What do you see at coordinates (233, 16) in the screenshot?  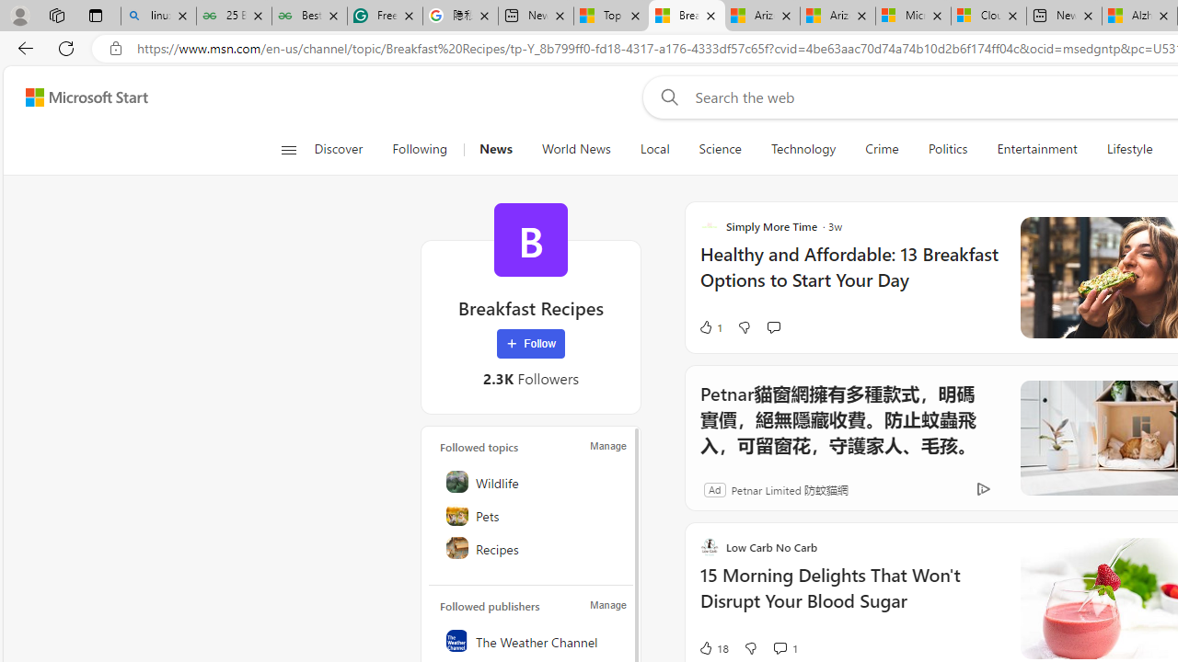 I see `'25 Basic Linux Commands For Beginners - GeeksforGeeks'` at bounding box center [233, 16].